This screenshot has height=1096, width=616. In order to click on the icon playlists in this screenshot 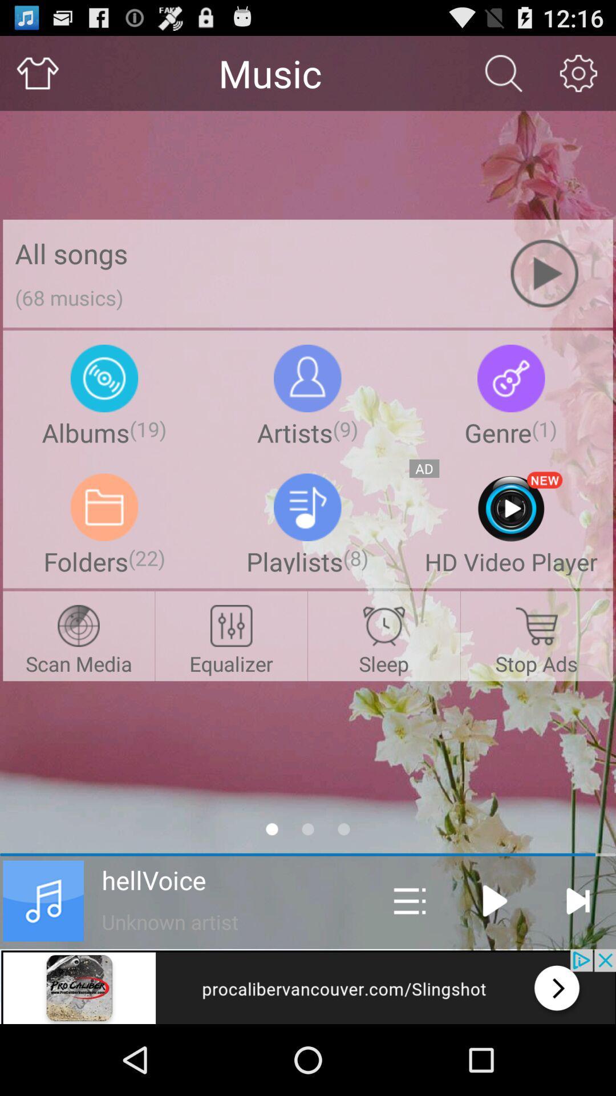, I will do `click(307, 506)`.